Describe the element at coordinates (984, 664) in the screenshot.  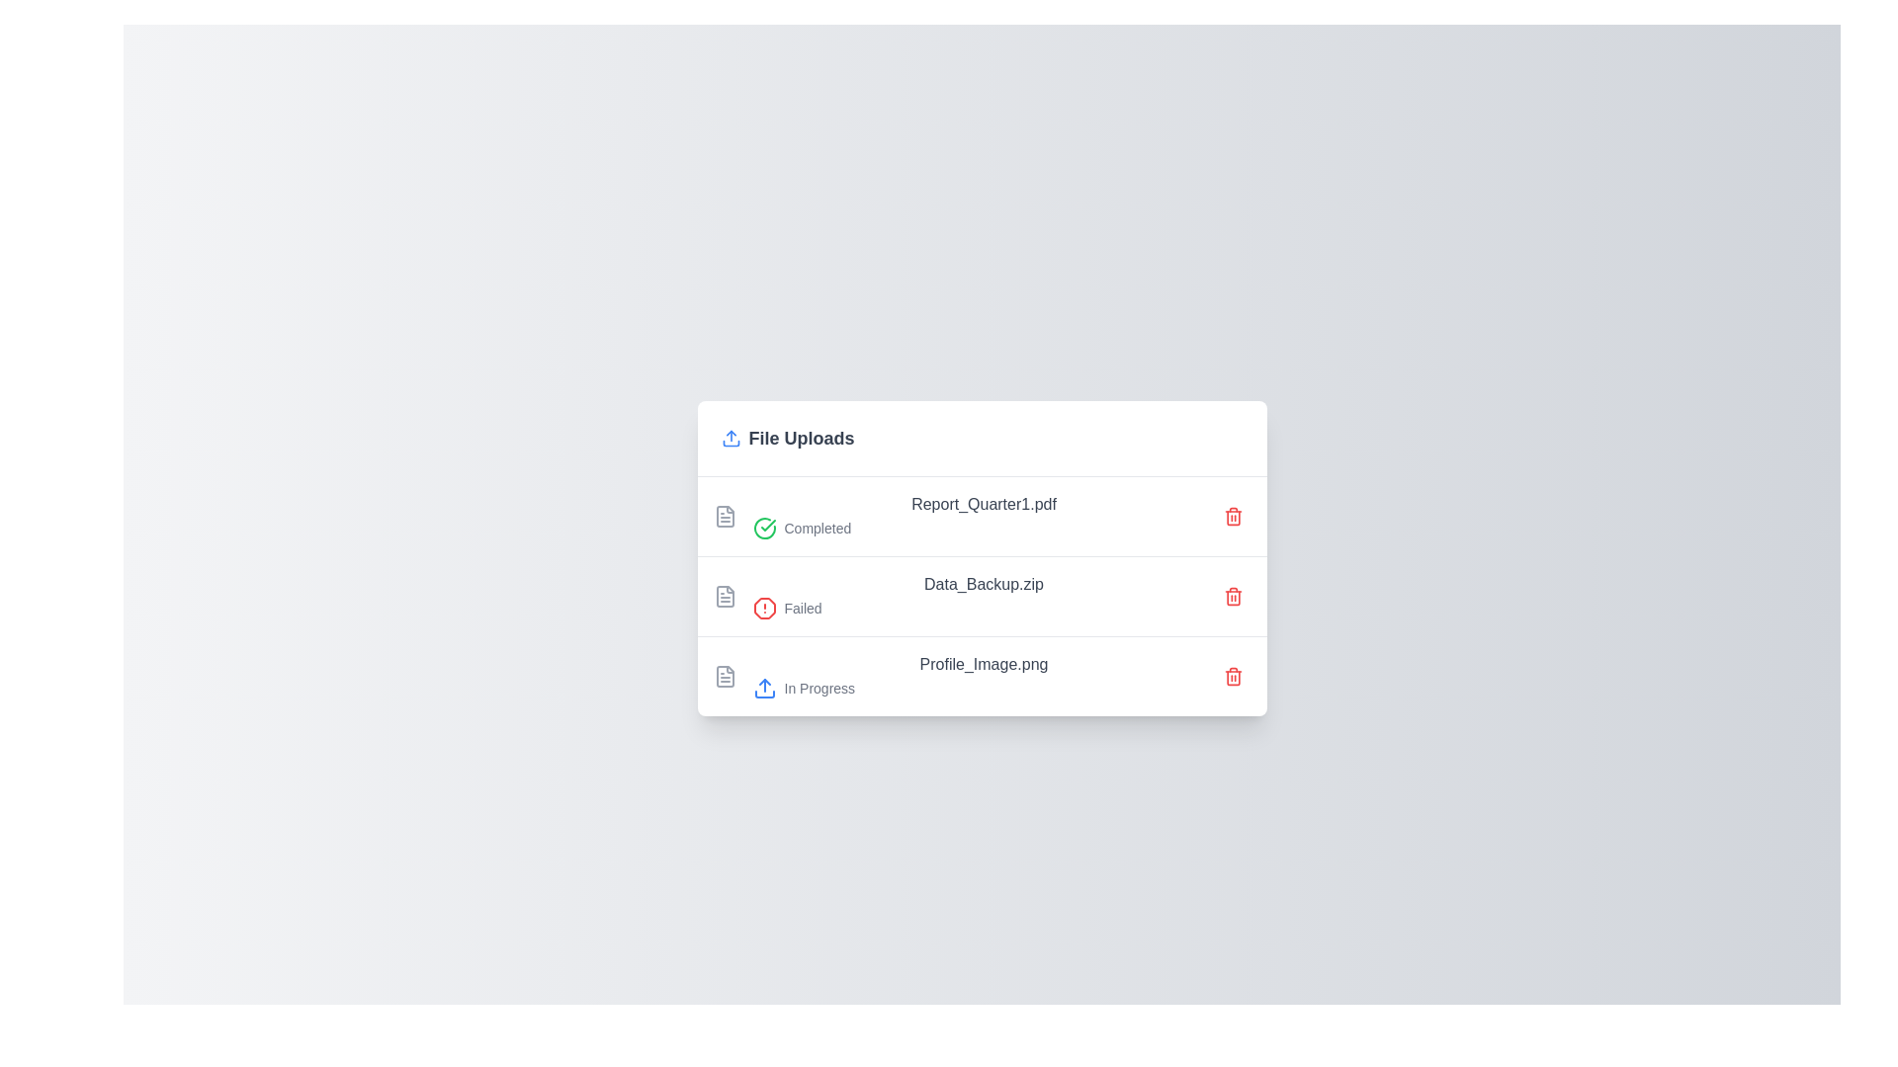
I see `the text label displaying the filename 'Profile_Image.png', which is styled in gray and located within the file list of the file upload module` at that location.